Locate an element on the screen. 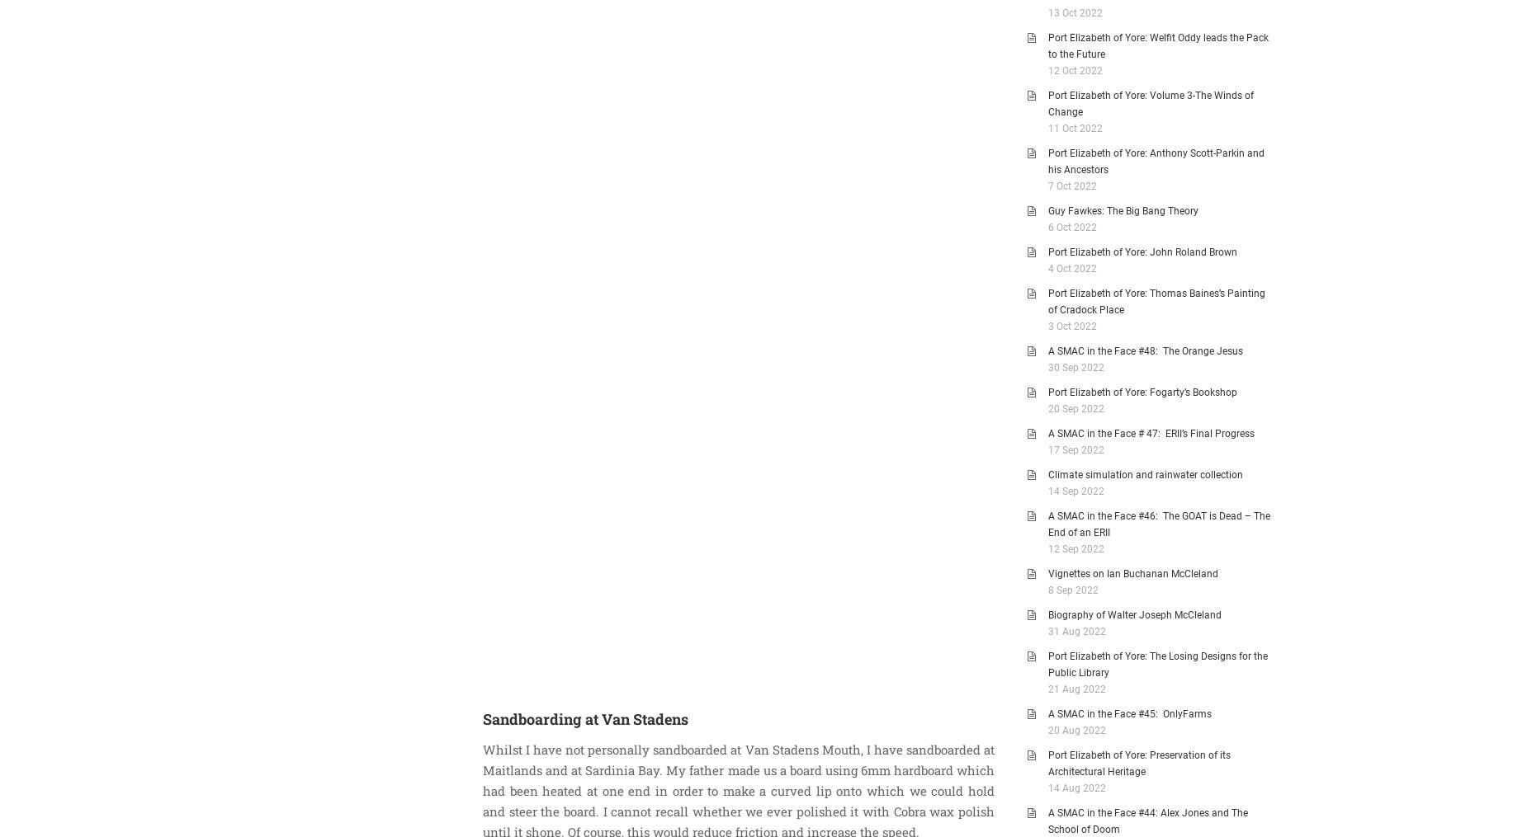 This screenshot has height=837, width=1527. '17 Sep 2022' is located at coordinates (1076, 449).